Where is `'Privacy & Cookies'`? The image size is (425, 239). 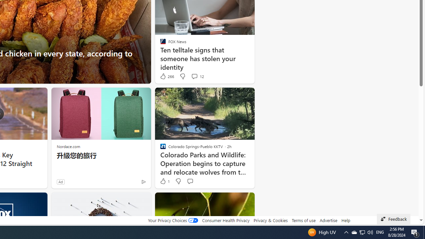
'Privacy & Cookies' is located at coordinates (270, 220).